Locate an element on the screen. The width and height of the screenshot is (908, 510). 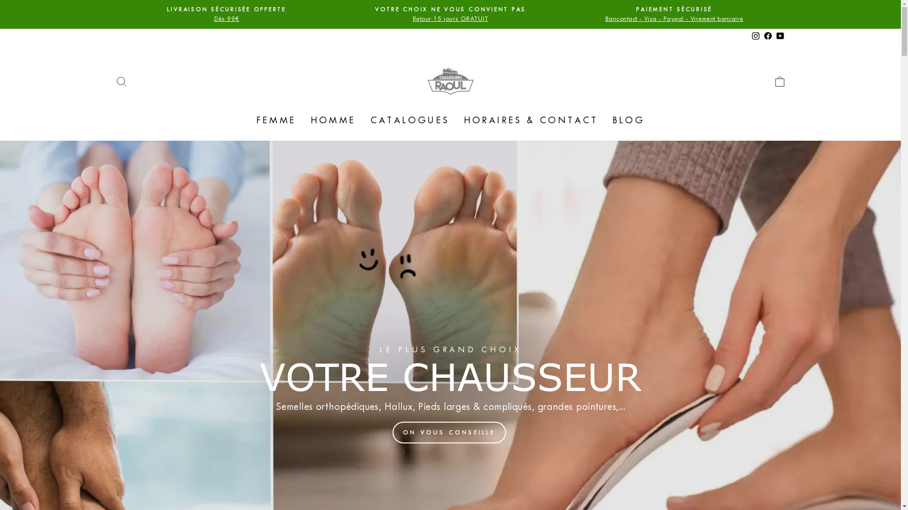
'BLOG' is located at coordinates (629, 119).